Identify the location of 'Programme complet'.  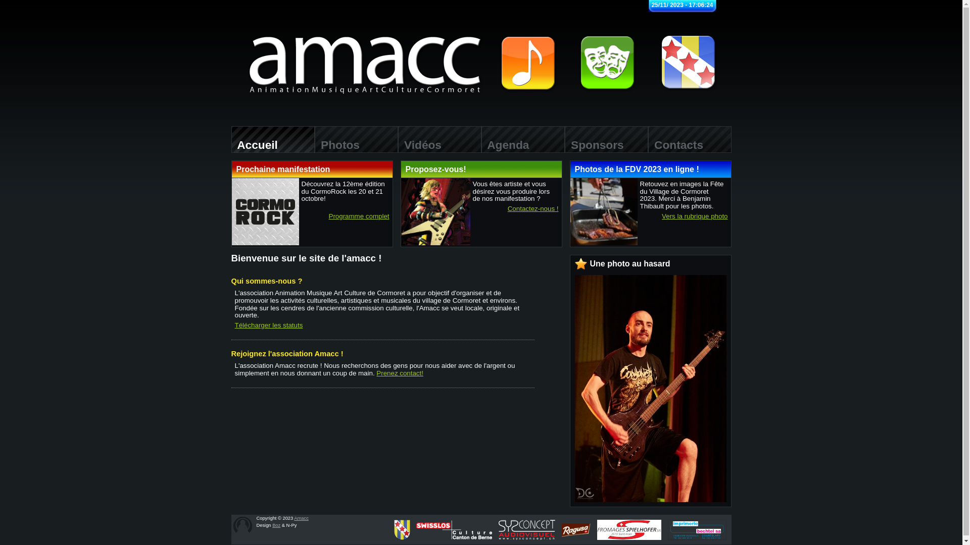
(328, 216).